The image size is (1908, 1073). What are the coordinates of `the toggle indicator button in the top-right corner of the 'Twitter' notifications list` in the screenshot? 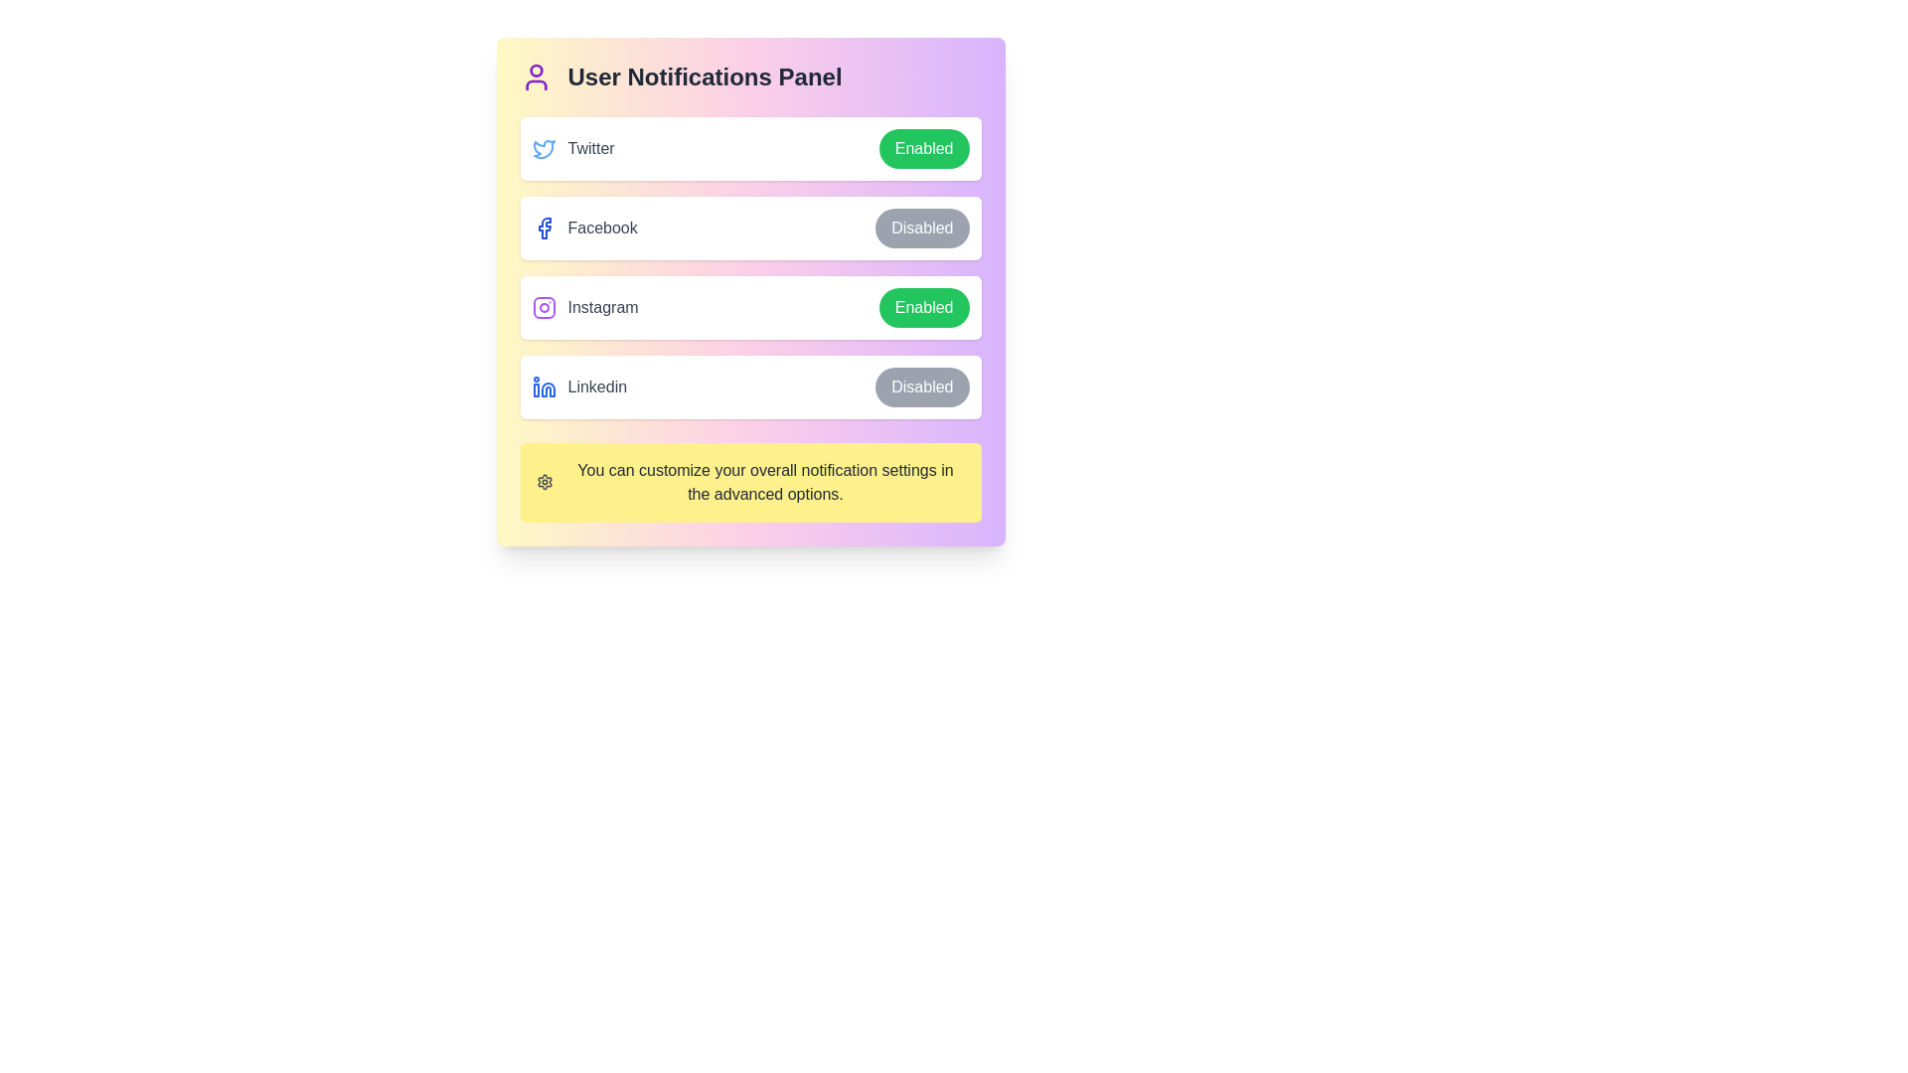 It's located at (923, 148).